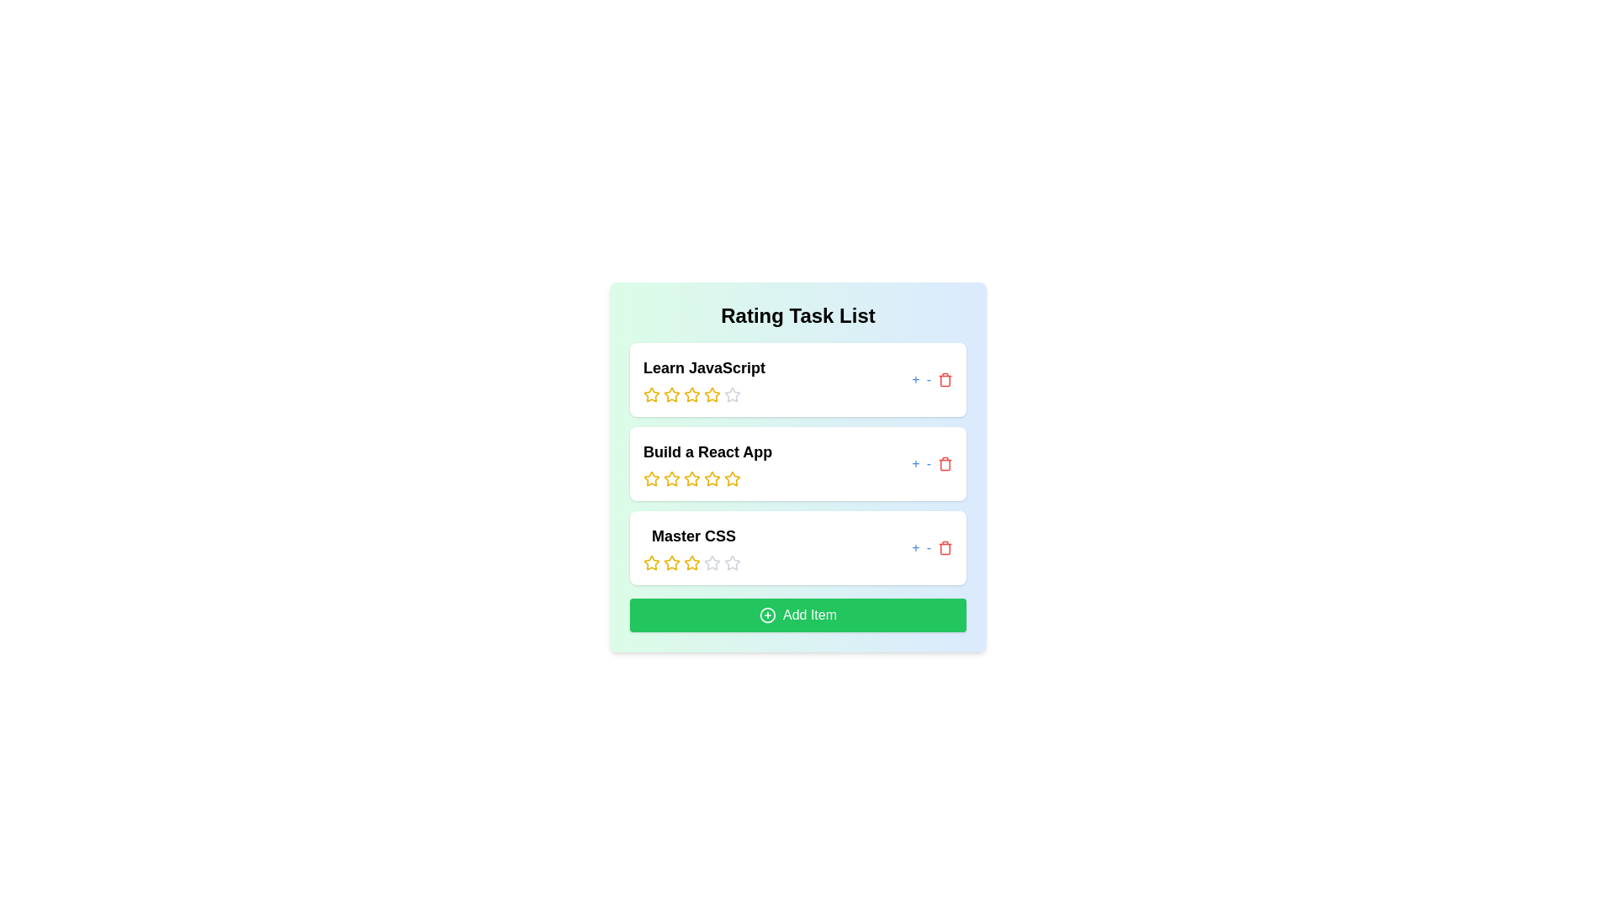 This screenshot has height=908, width=1615. What do you see at coordinates (797, 615) in the screenshot?
I see `the 'Add Item' button to add a new item to the list` at bounding box center [797, 615].